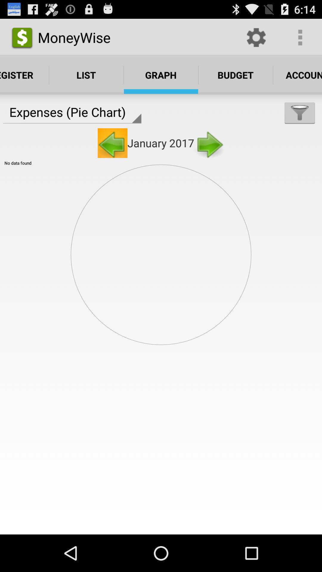  I want to click on the settings icon above budget, so click(256, 37).